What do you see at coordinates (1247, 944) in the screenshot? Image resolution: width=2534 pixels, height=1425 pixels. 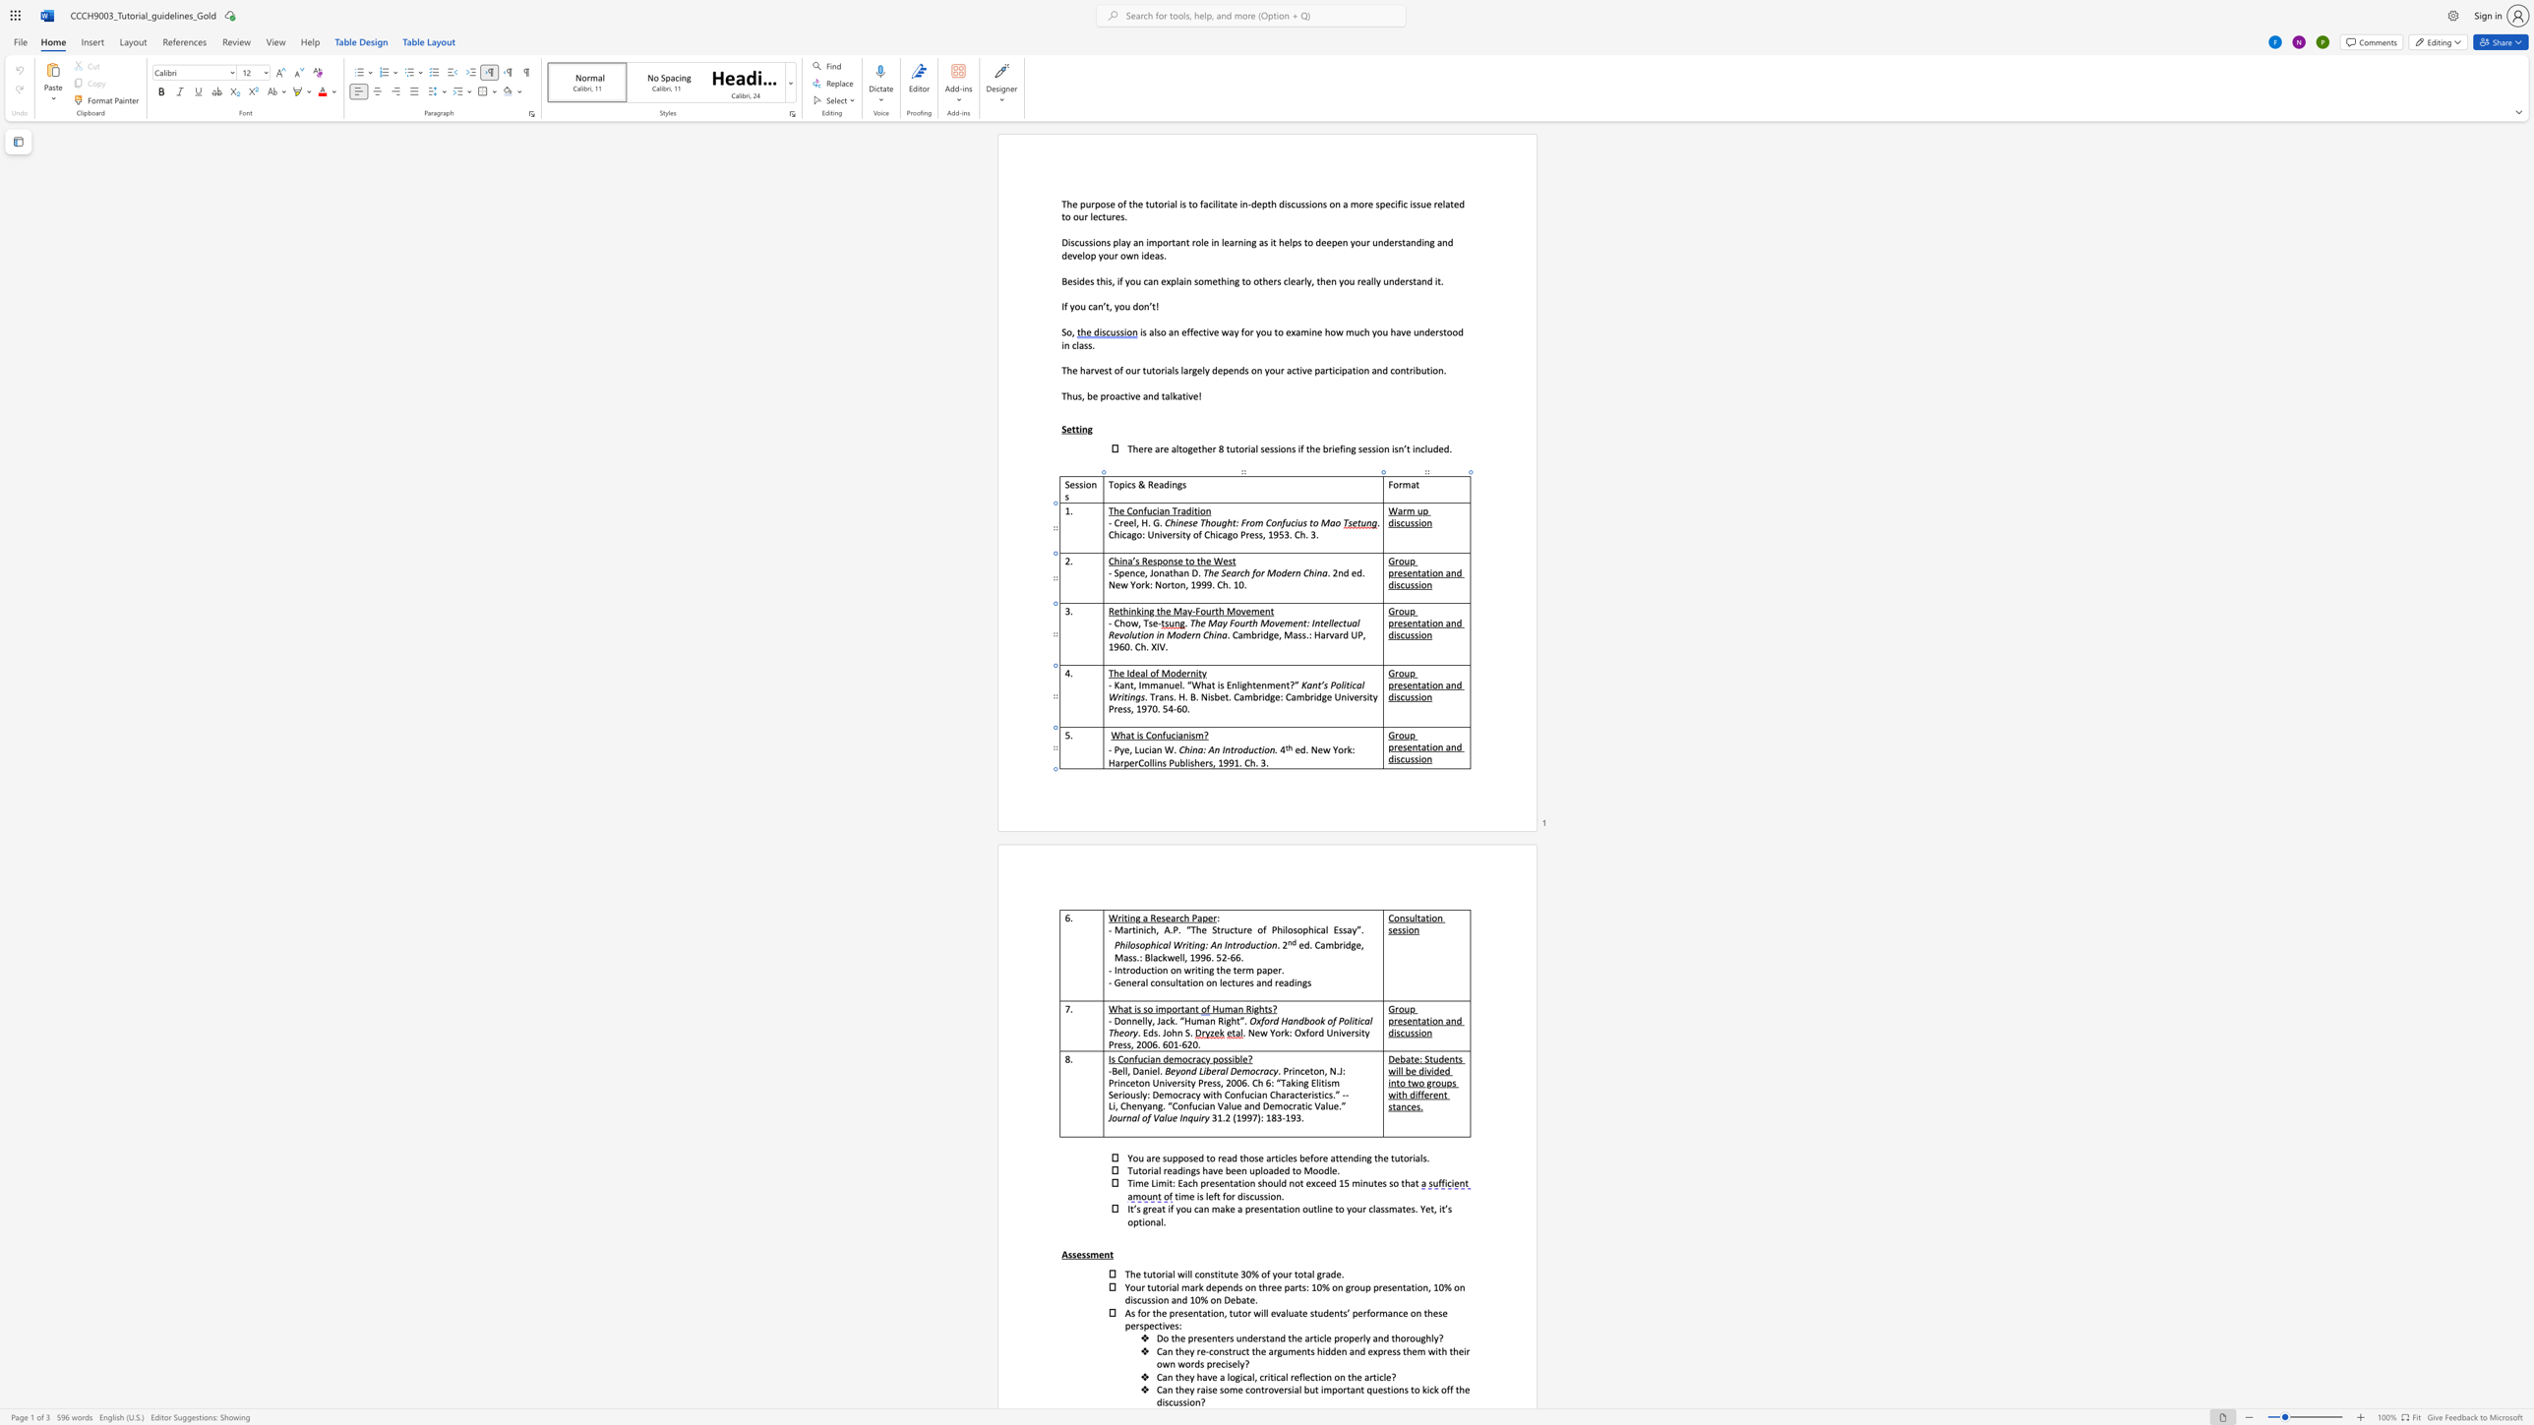 I see `the 1th character "d" in the text` at bounding box center [1247, 944].